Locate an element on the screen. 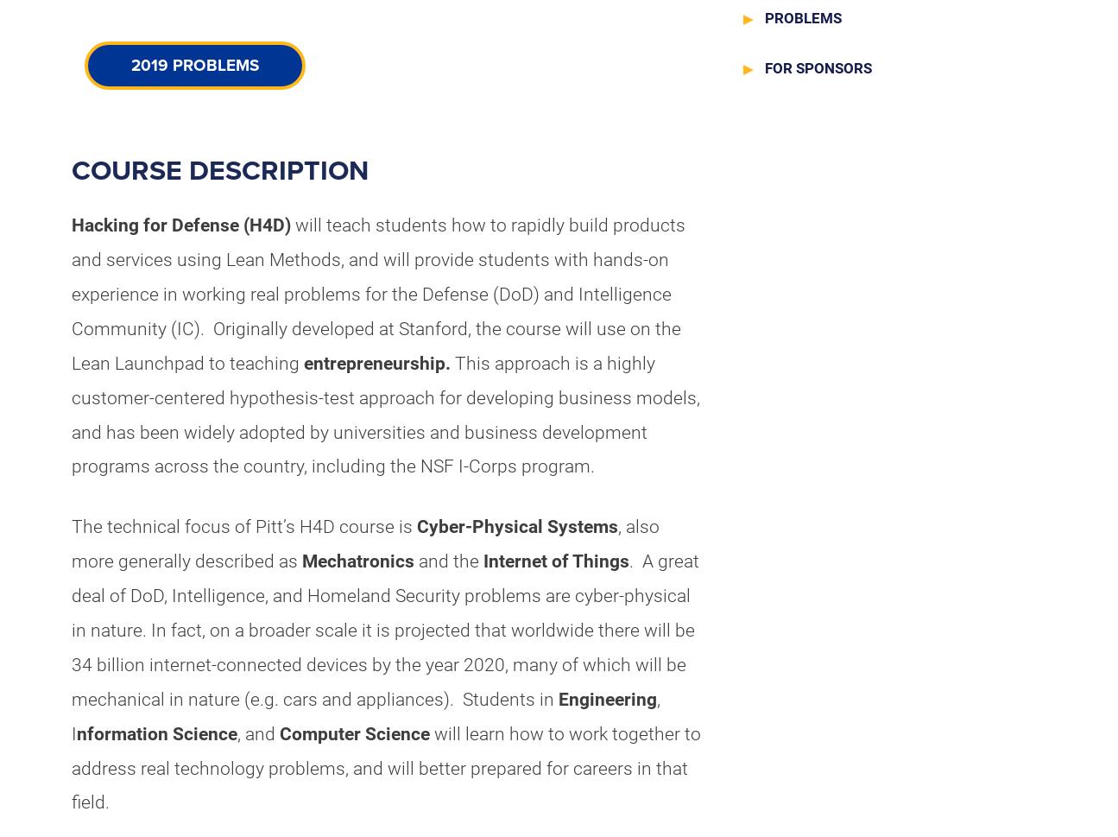 This screenshot has width=1118, height=837. 'This approach is a highly customer-centered hypothesis-test approach for developing business models, and has been widely adopted by universities and business development programs across the country, including the NSF I-Corps program.' is located at coordinates (383, 415).